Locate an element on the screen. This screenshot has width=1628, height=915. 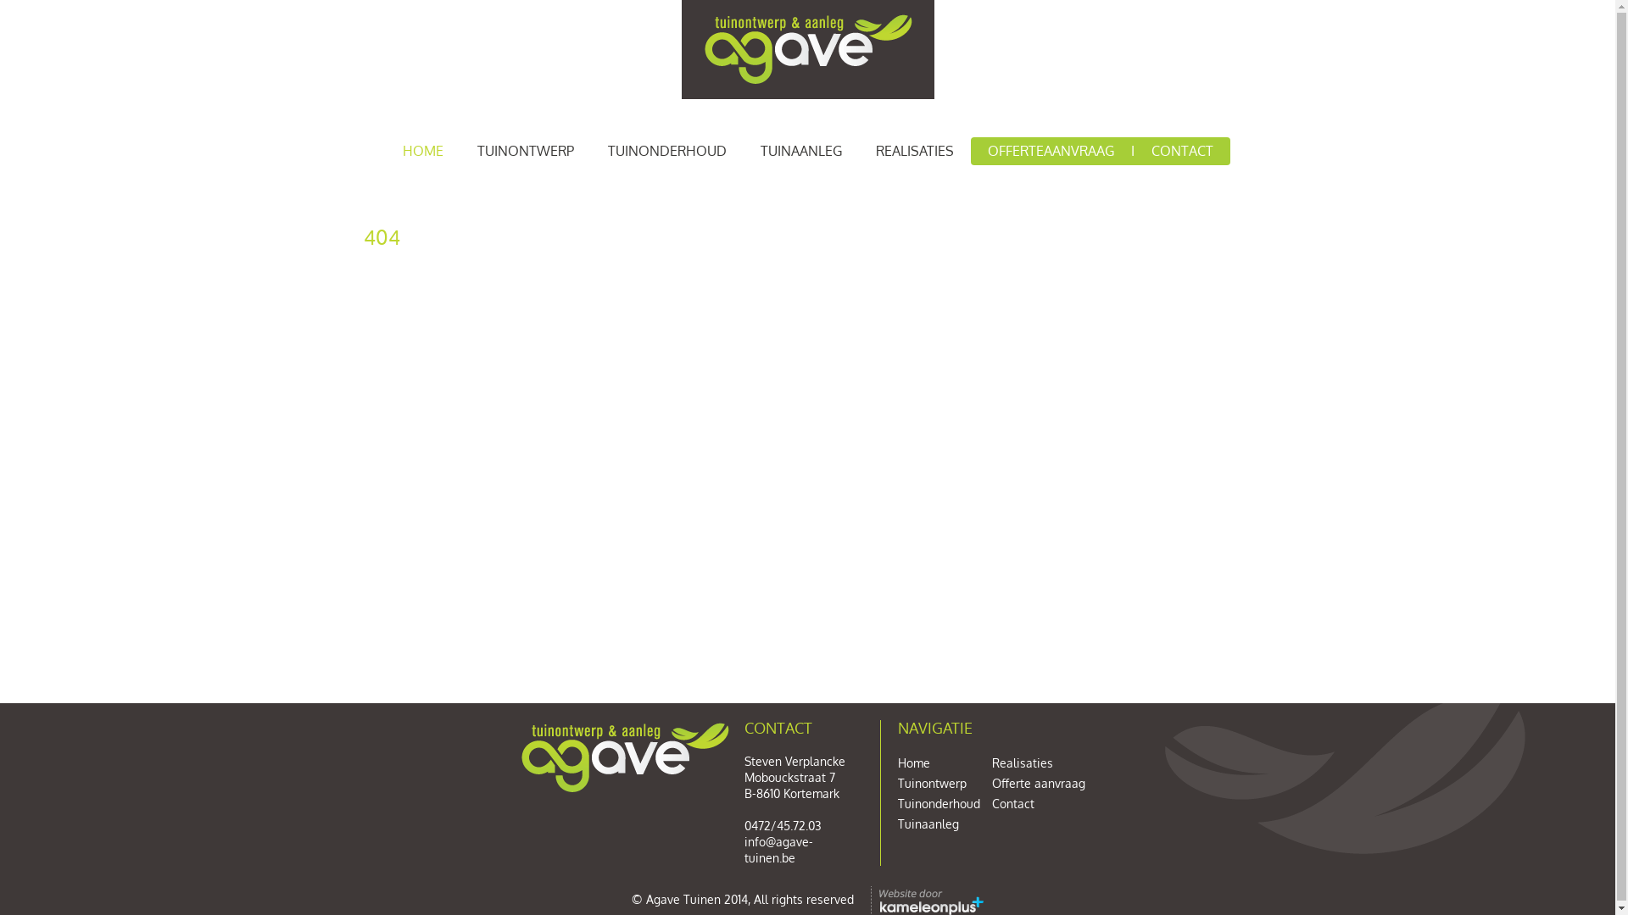
'Offerte aanvraag' is located at coordinates (1037, 783).